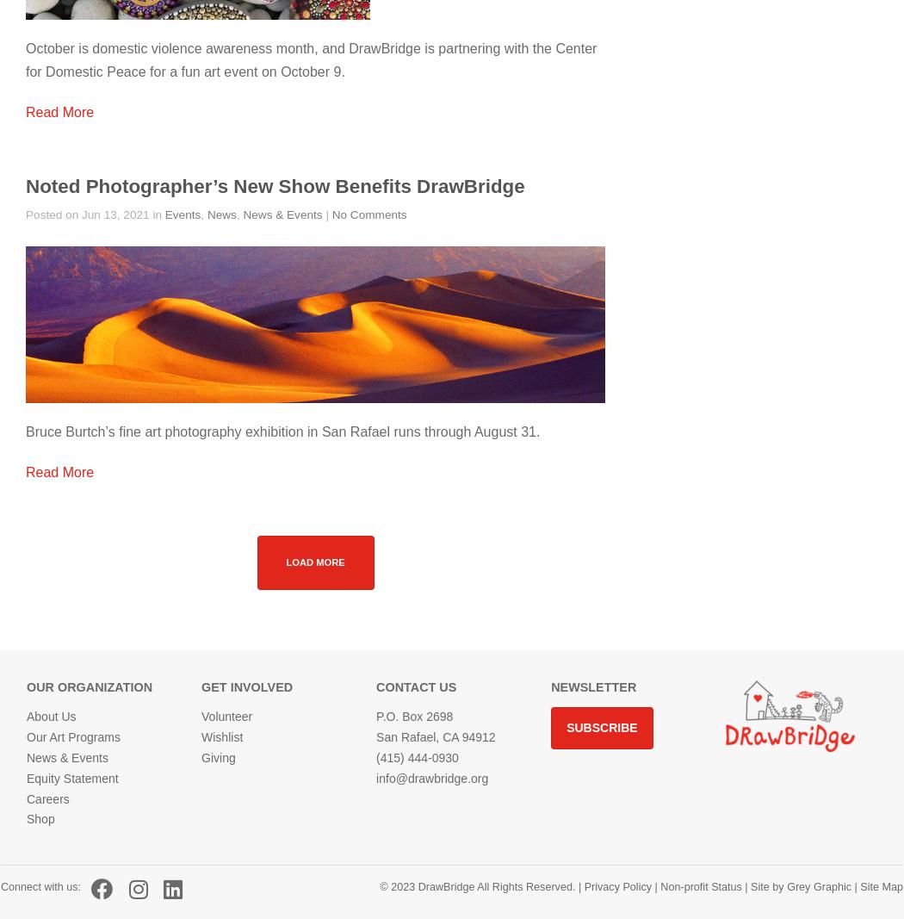  What do you see at coordinates (95, 214) in the screenshot?
I see `'Posted 					
														on Jun 13, 2021							in'` at bounding box center [95, 214].